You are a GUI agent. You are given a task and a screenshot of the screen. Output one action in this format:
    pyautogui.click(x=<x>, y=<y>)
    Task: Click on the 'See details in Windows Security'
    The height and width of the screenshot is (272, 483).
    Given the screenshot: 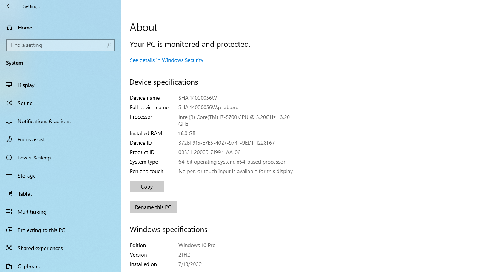 What is the action you would take?
    pyautogui.click(x=166, y=59)
    